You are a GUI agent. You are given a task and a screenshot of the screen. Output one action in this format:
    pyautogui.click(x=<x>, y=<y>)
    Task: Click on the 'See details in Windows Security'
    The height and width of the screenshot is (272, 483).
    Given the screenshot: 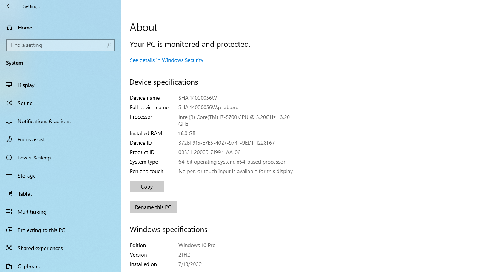 What is the action you would take?
    pyautogui.click(x=166, y=59)
    